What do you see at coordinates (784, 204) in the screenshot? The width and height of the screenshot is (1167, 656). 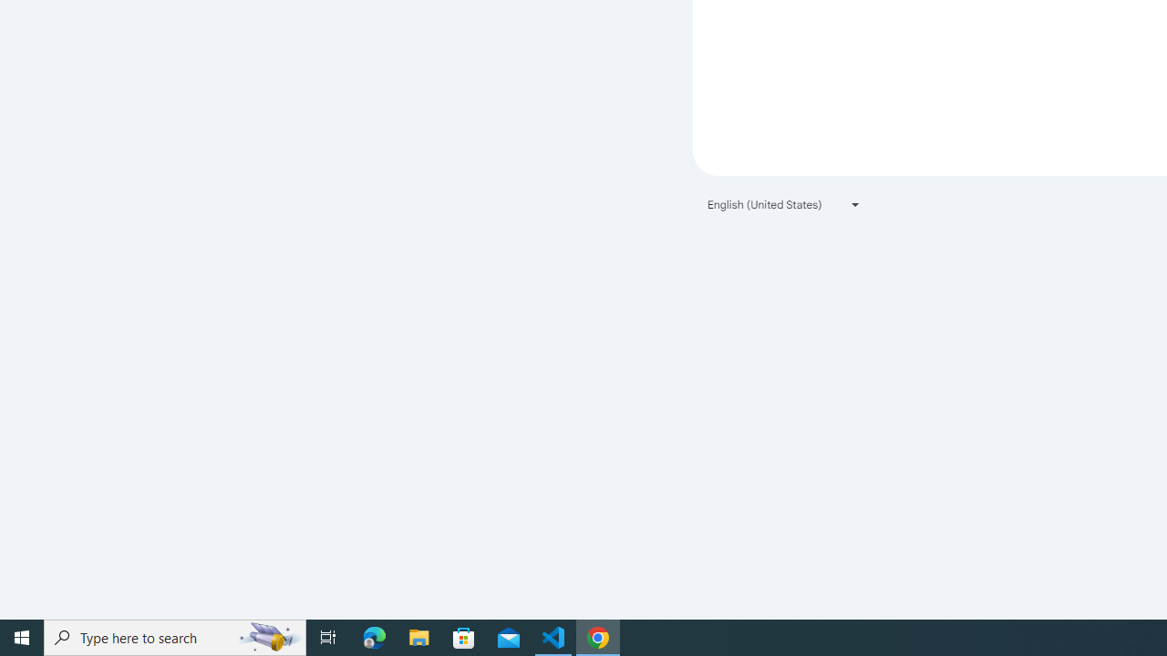 I see `'English (United States)'` at bounding box center [784, 204].